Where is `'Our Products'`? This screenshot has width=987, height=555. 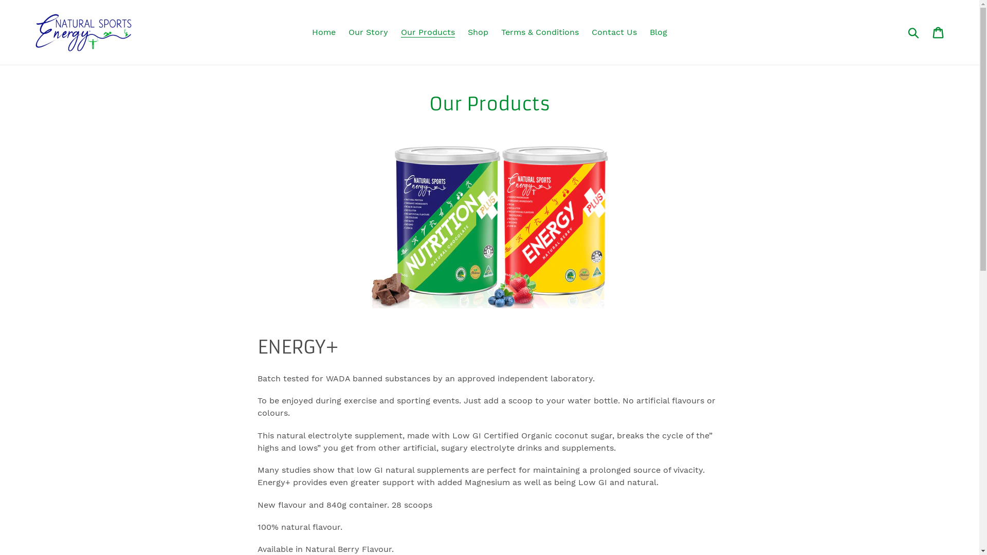
'Our Products' is located at coordinates (428, 31).